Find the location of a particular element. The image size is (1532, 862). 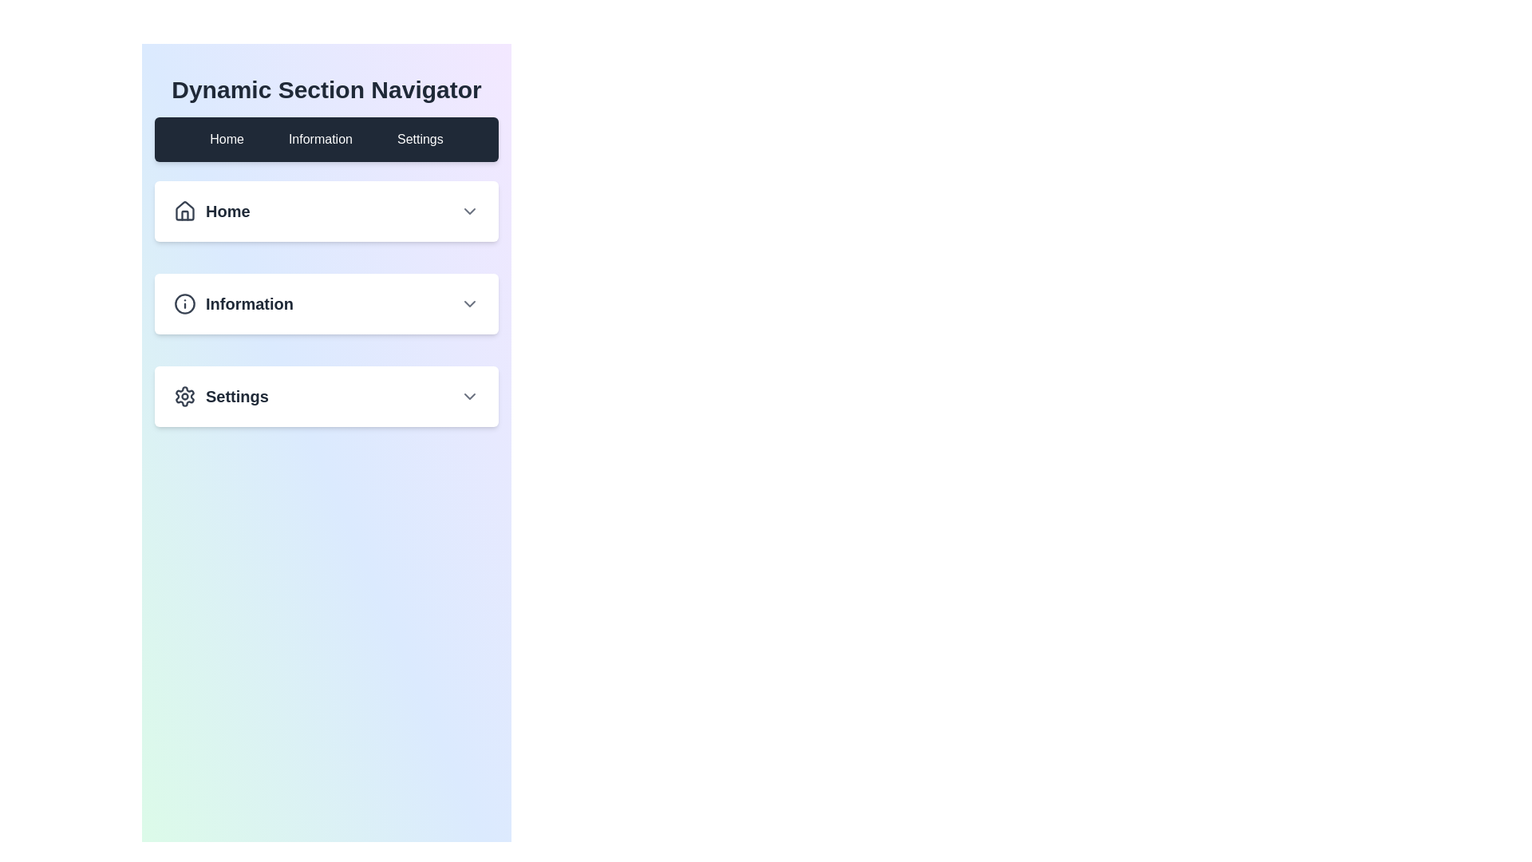

the second navigation link in the menu that directs to the 'Information' section is located at coordinates (232, 304).